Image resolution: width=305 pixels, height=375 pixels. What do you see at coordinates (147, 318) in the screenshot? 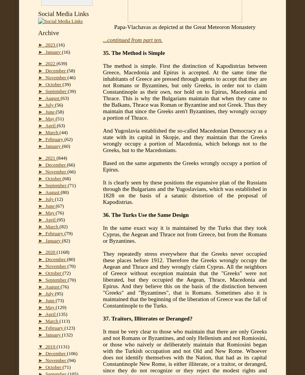
I see `'37. Traitors, Illiterates or Deranged?'` at bounding box center [147, 318].